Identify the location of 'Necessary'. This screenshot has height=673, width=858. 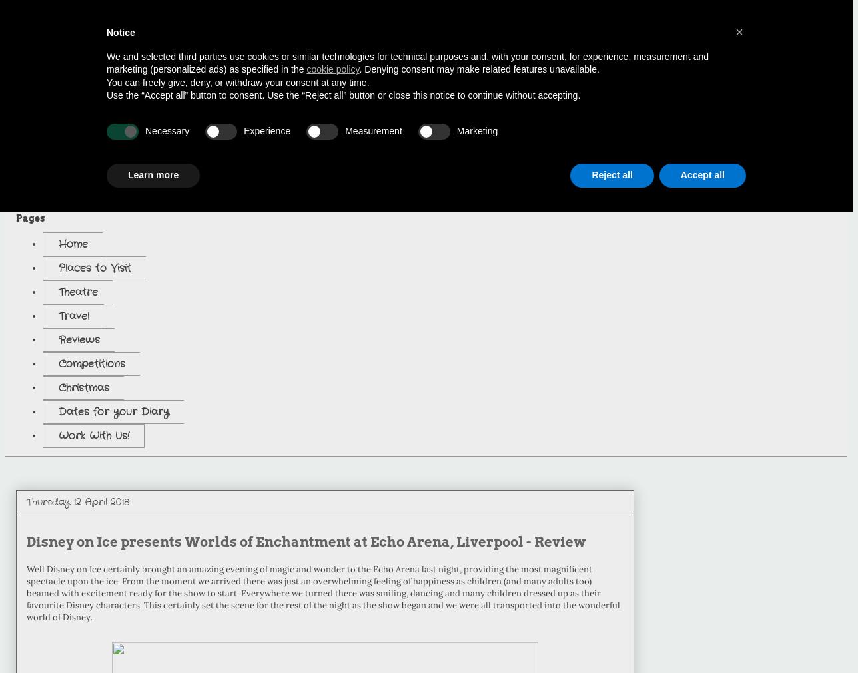
(167, 131).